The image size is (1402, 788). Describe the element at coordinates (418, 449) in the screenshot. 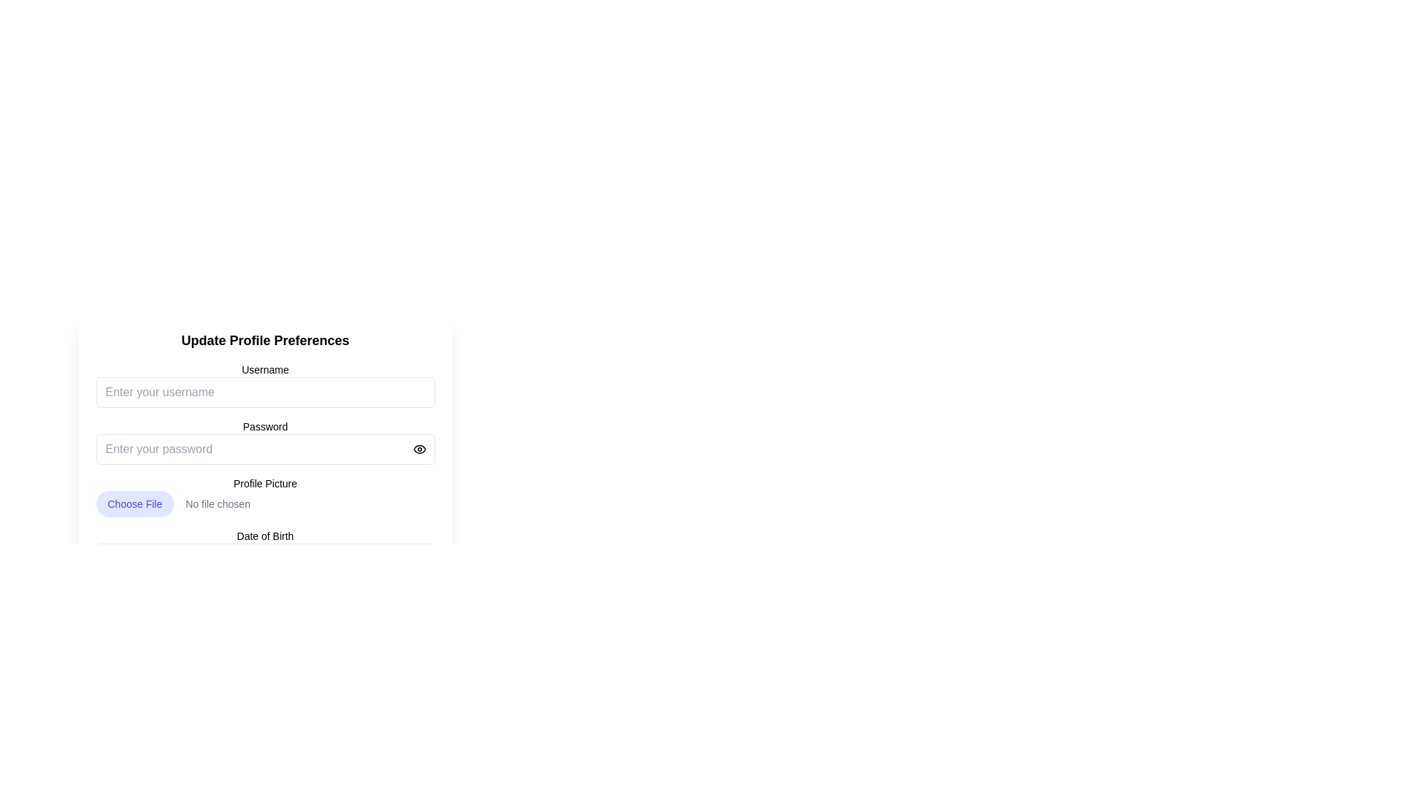

I see `the button located to the immediate right of the password input field` at that location.